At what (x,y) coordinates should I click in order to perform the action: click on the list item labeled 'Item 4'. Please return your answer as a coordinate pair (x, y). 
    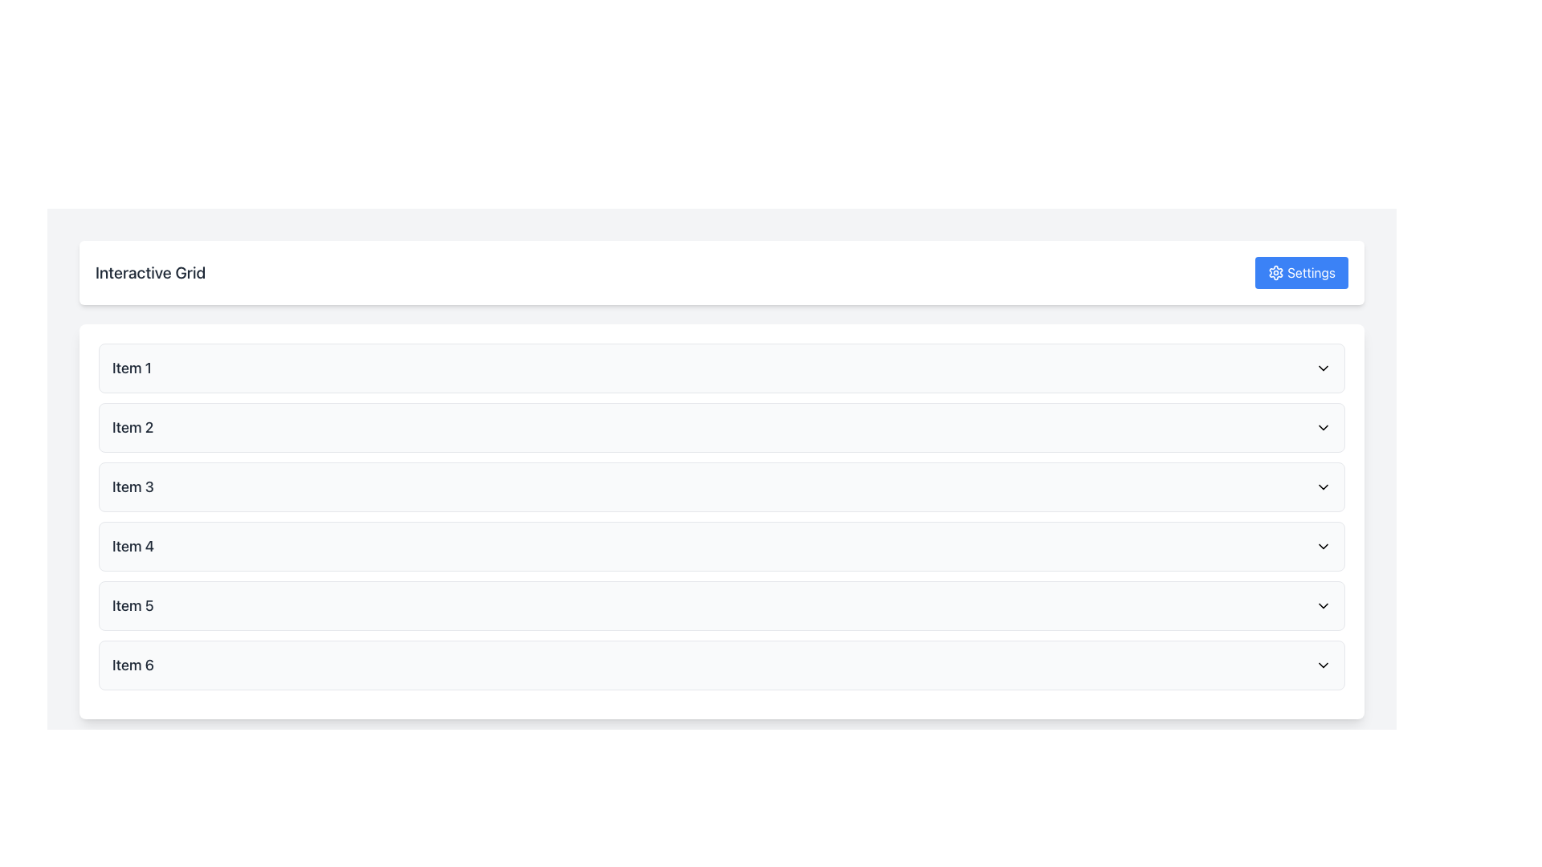
    Looking at the image, I should click on (720, 546).